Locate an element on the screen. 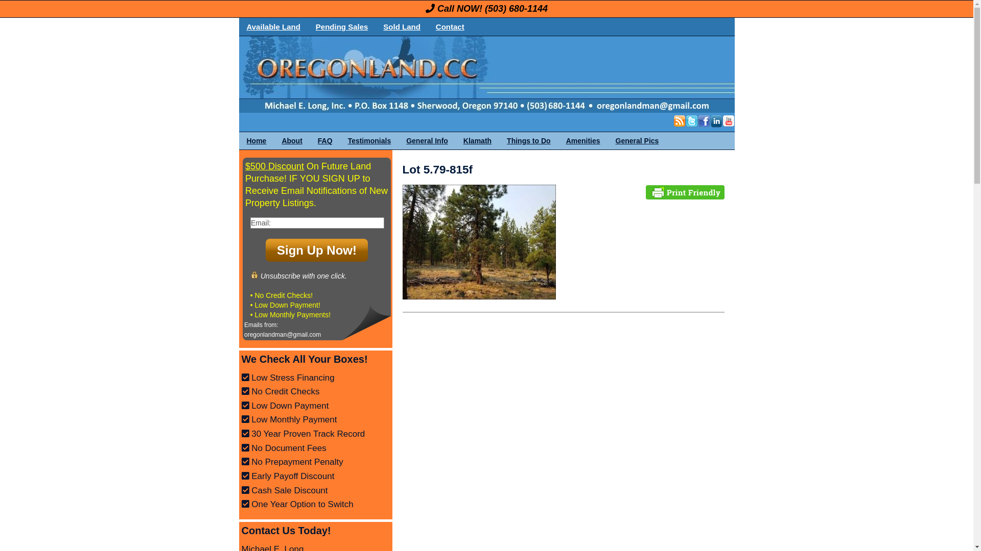 The image size is (981, 551). 'General Pics' is located at coordinates (637, 141).